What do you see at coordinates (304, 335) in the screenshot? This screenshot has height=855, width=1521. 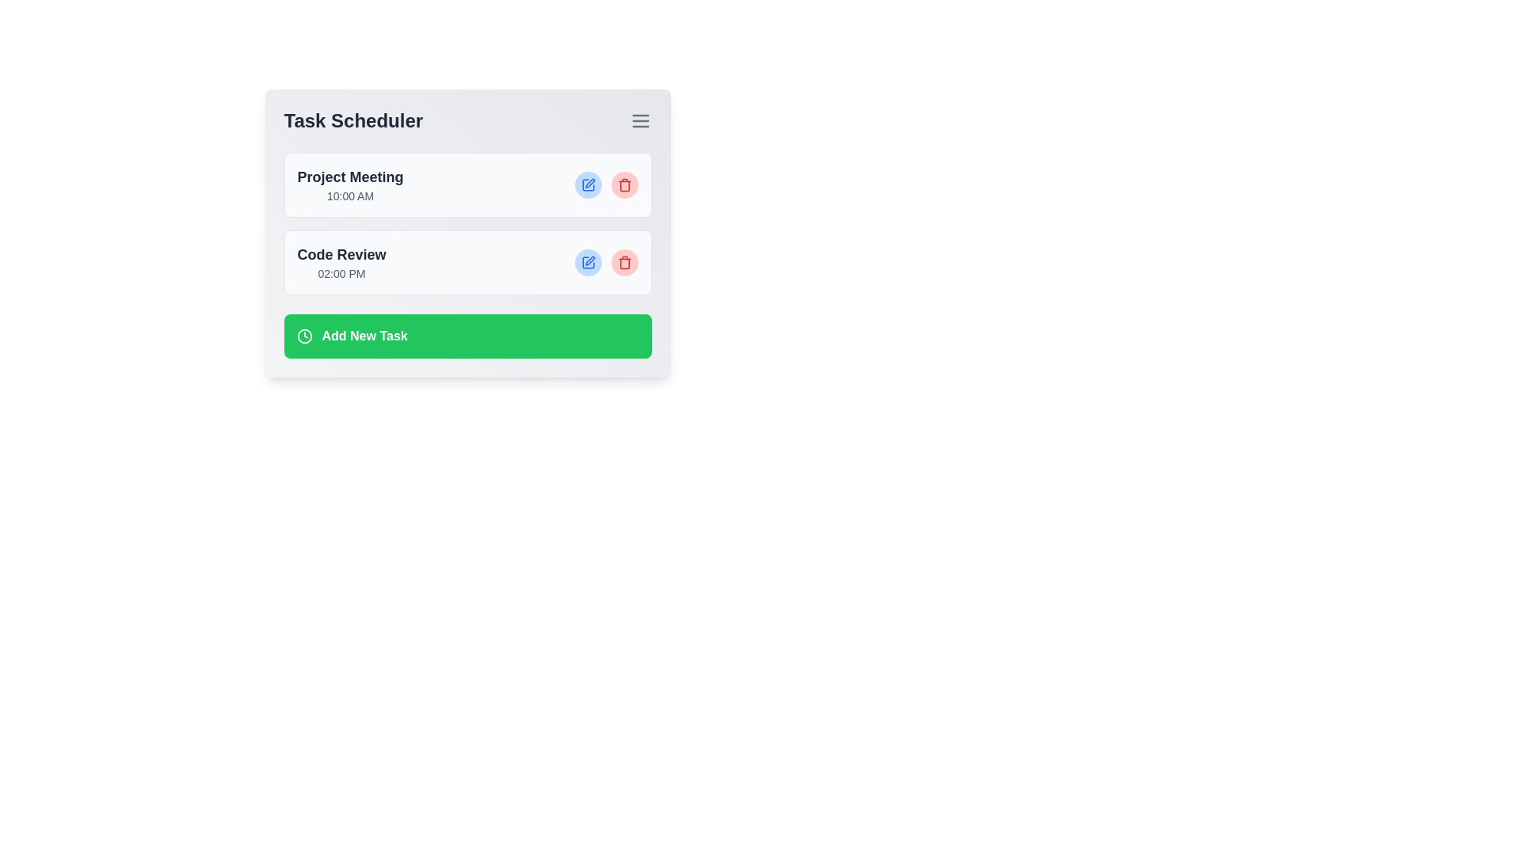 I see `the SVG Circle Element that represents the clock icon within the green 'Add New Task' button in the Task Scheduler interface` at bounding box center [304, 335].